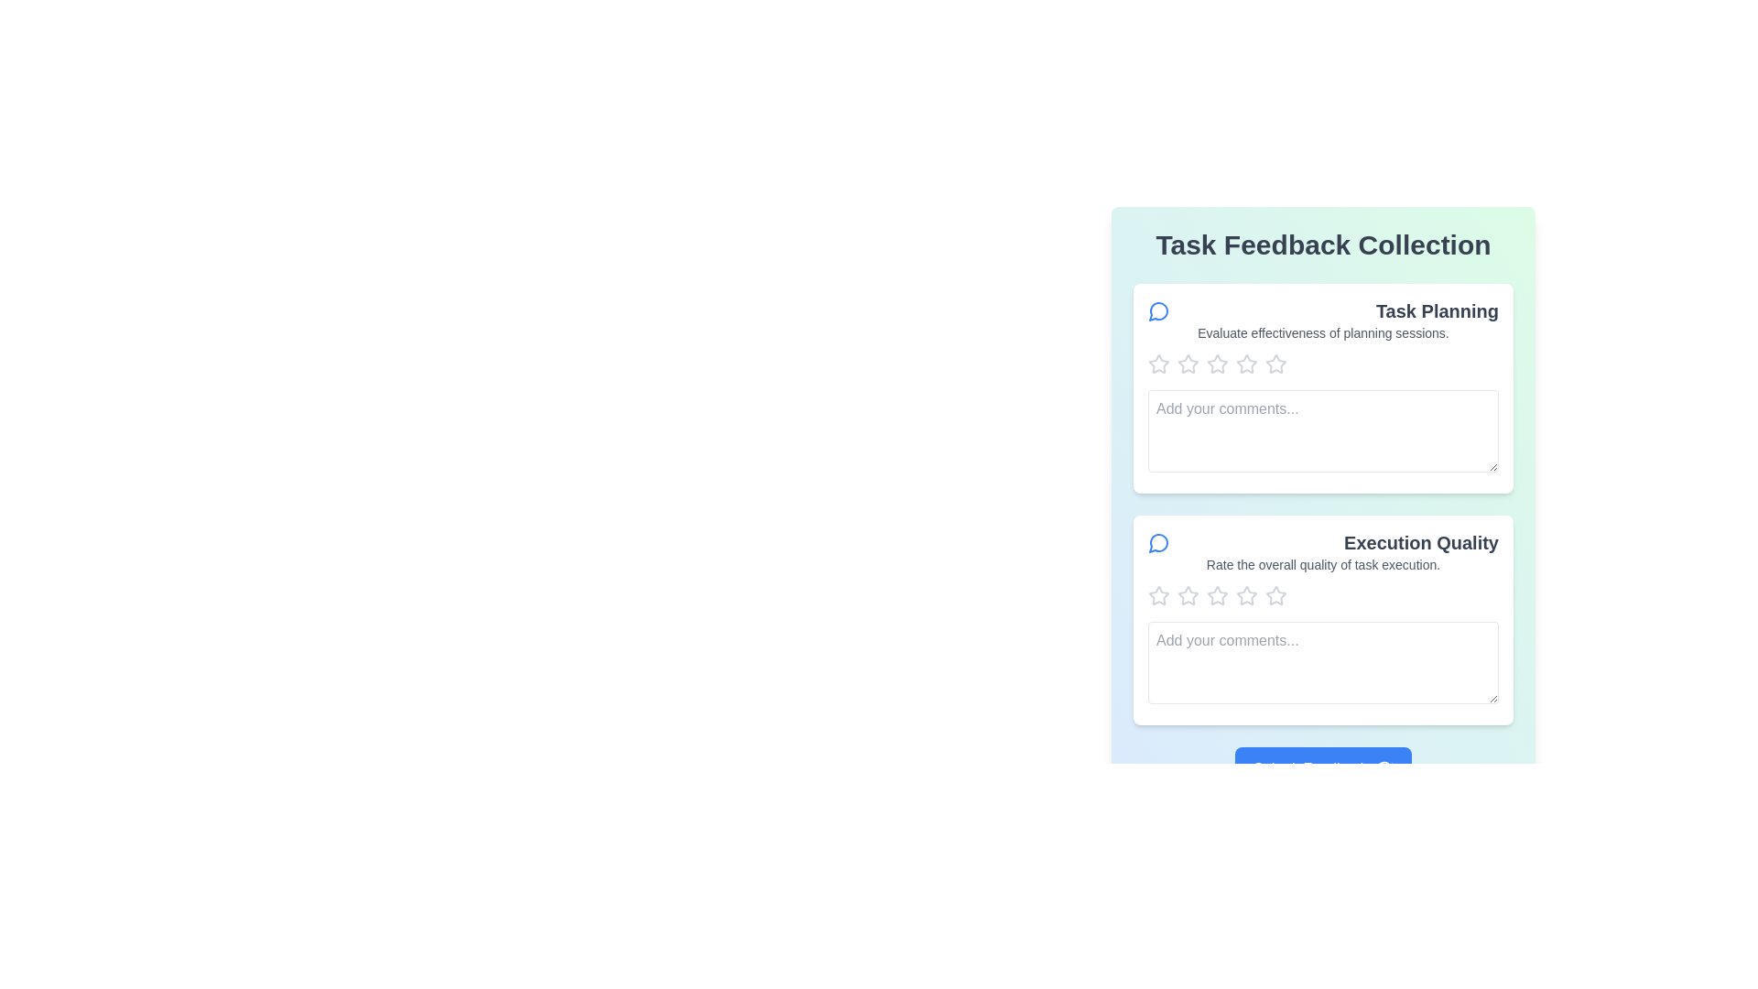  What do you see at coordinates (1323, 769) in the screenshot?
I see `the 'Submit Feedback' button with a blue background and white text, located at the bottom of the feedback card` at bounding box center [1323, 769].